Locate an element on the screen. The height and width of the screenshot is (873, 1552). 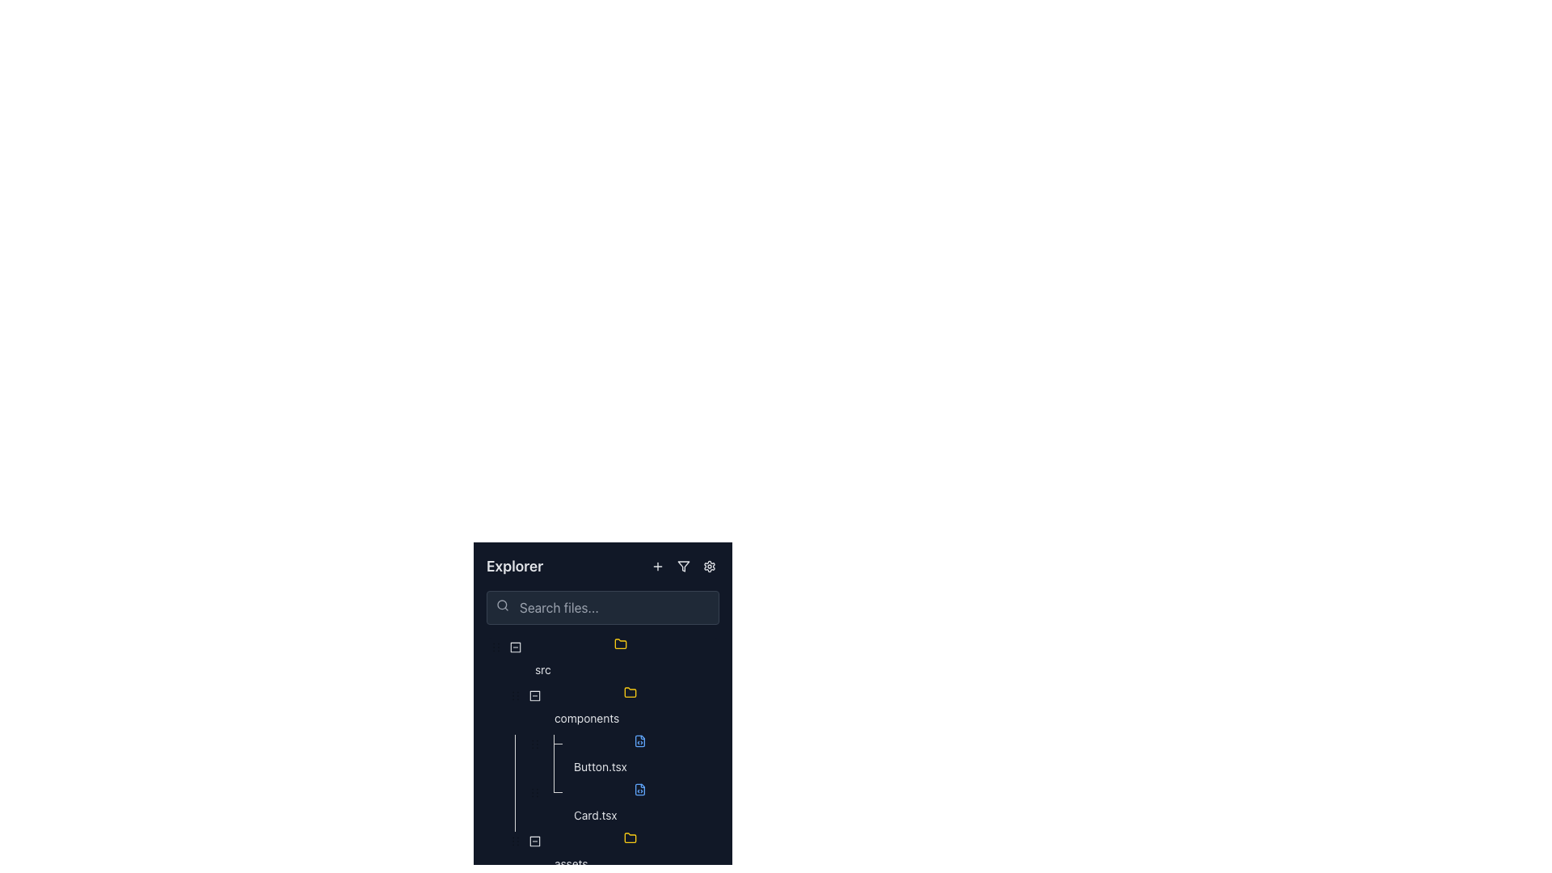
the Draggable Icon, which consists of two vertically-aligned dots located next is located at coordinates (496, 647).